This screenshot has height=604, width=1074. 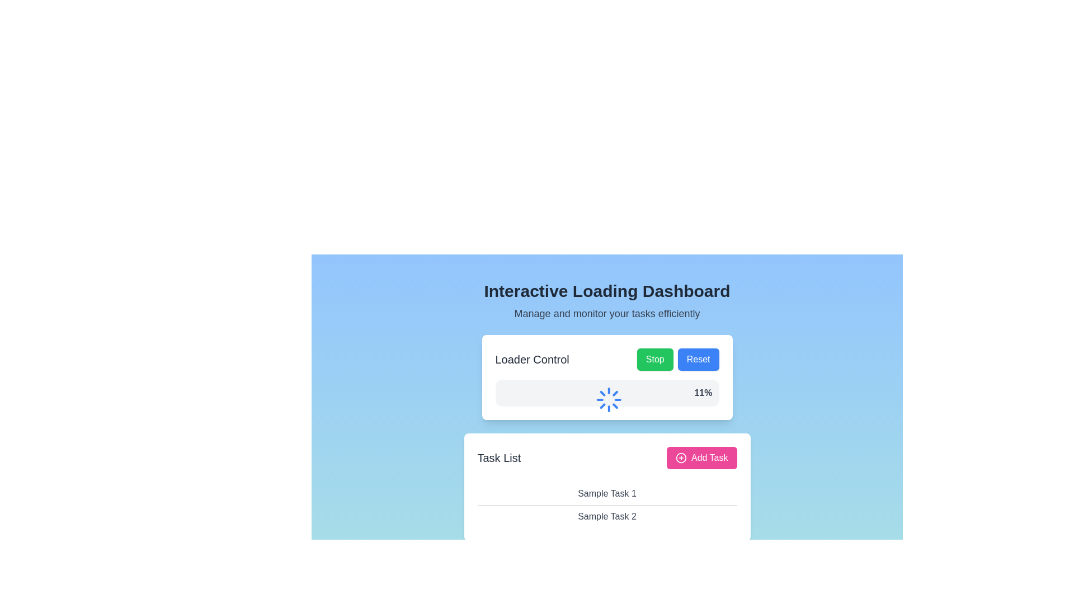 What do you see at coordinates (700, 457) in the screenshot?
I see `the rectangular button with a pink background and white text reading 'Add Task', which is located` at bounding box center [700, 457].